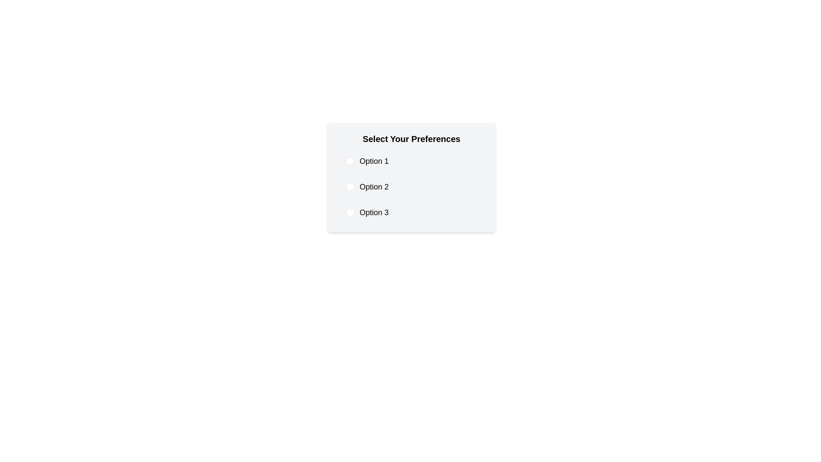  What do you see at coordinates (374, 161) in the screenshot?
I see `text of the first selection option label, which conveys 'Option 1' aligned with its circular checkbox in the 'Select Your Preferences' list` at bounding box center [374, 161].